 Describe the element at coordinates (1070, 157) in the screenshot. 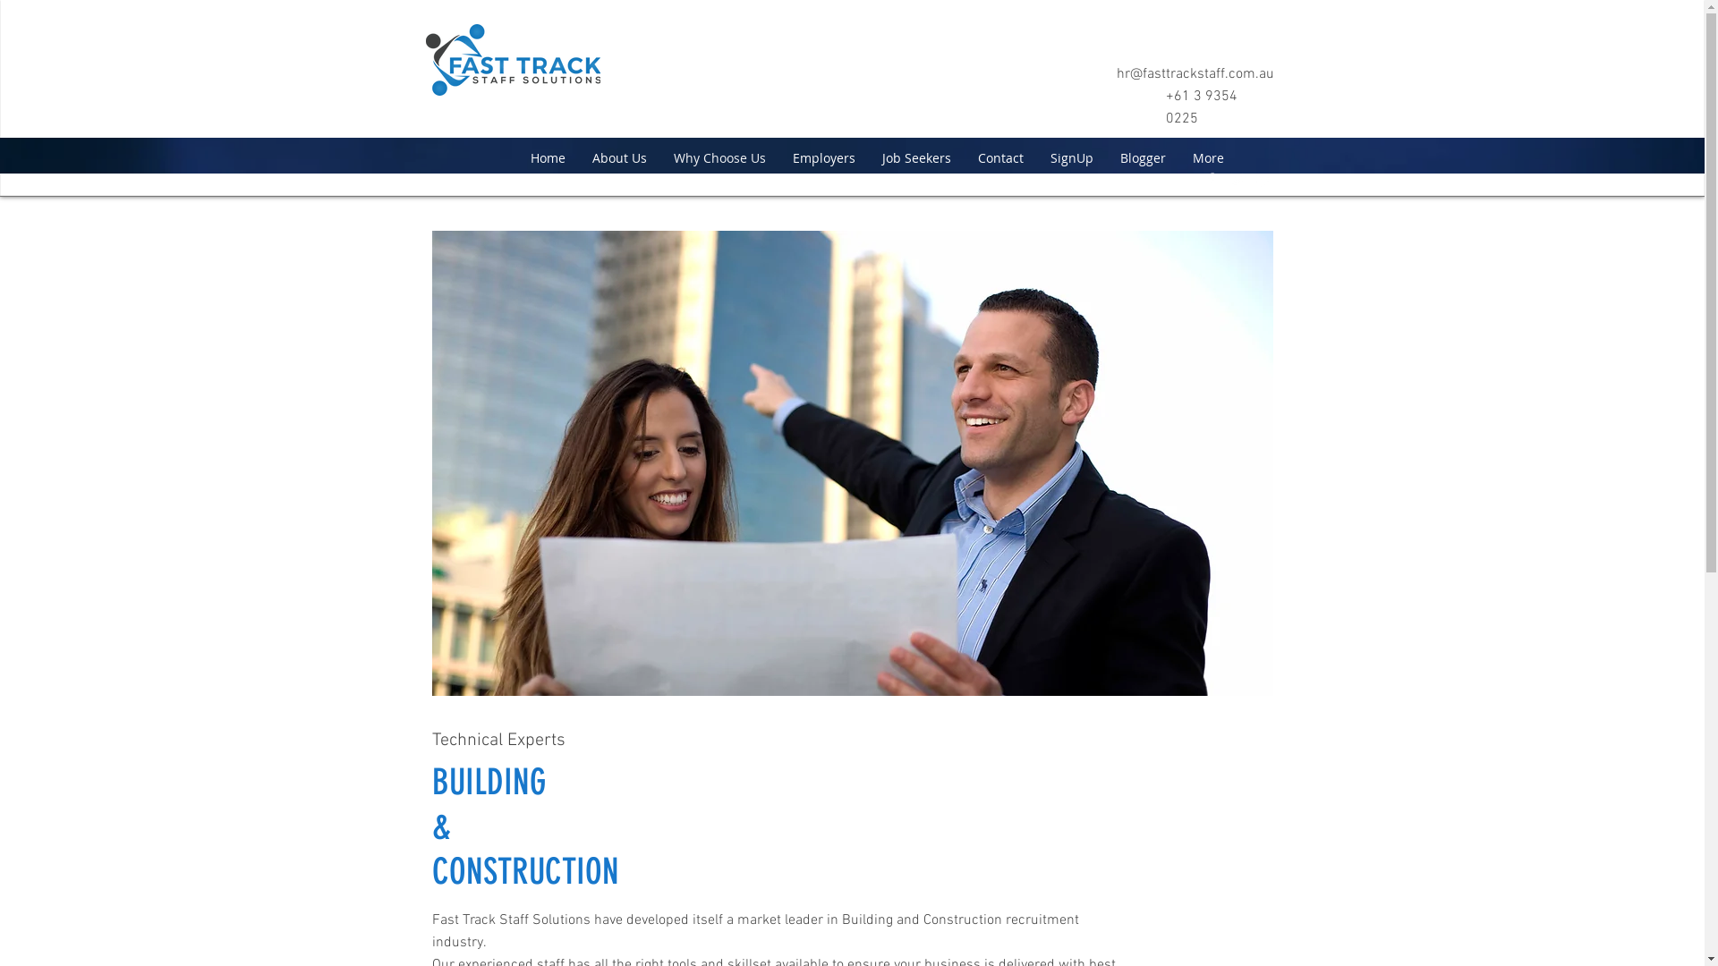

I see `'SignUp'` at that location.